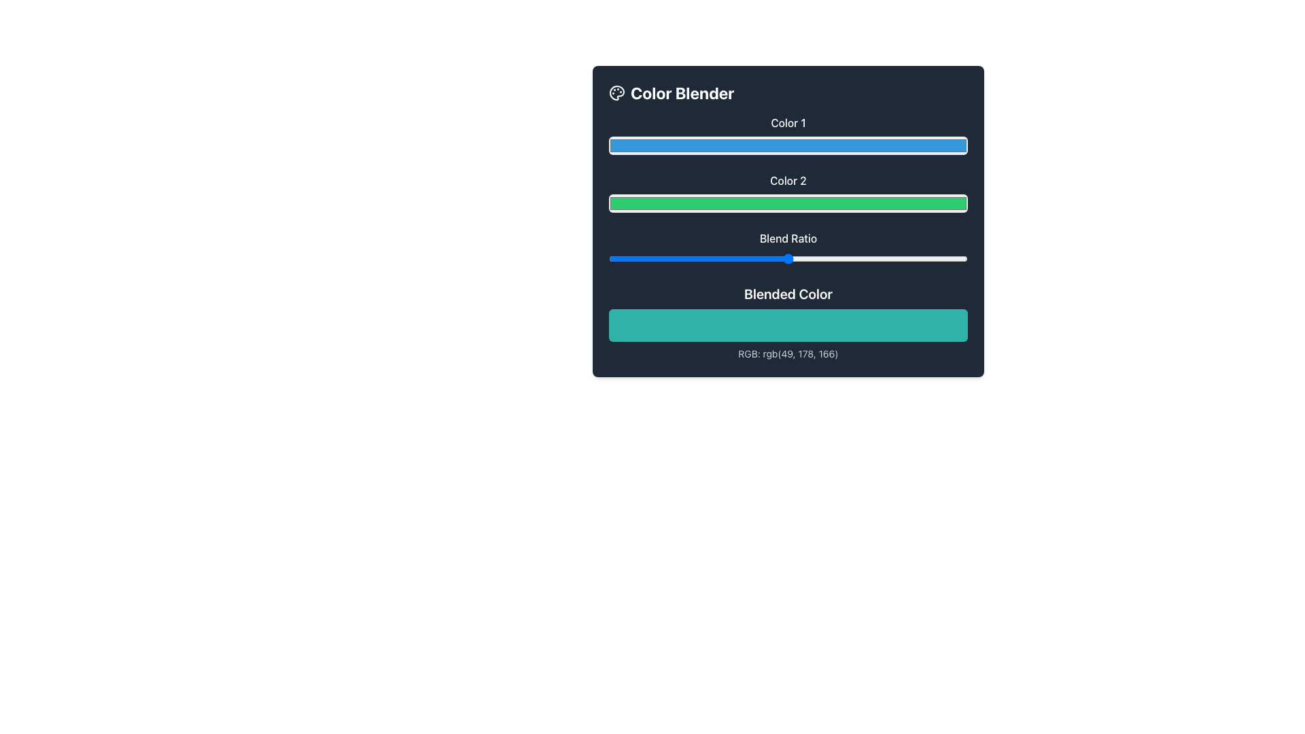  Describe the element at coordinates (803, 259) in the screenshot. I see `the Blend Ratio slider` at that location.